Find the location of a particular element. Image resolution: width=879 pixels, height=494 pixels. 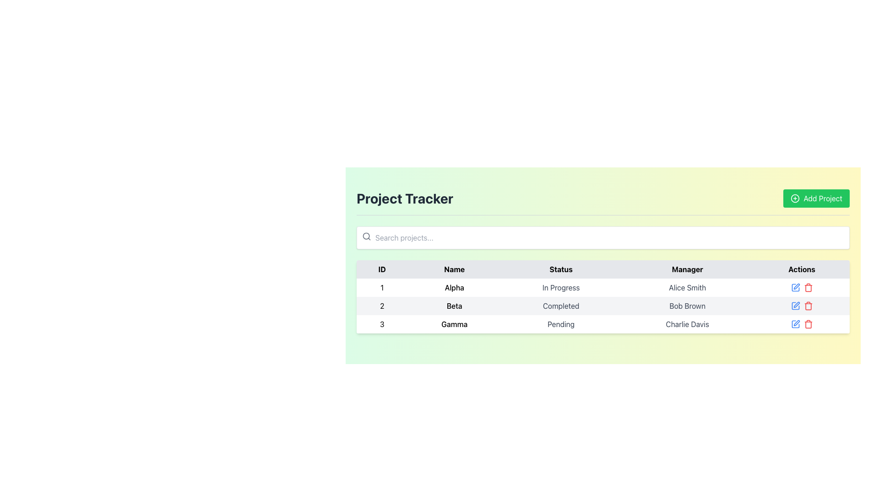

the button located at the top-right corner of the 'Project Tracker' section is located at coordinates (816, 198).